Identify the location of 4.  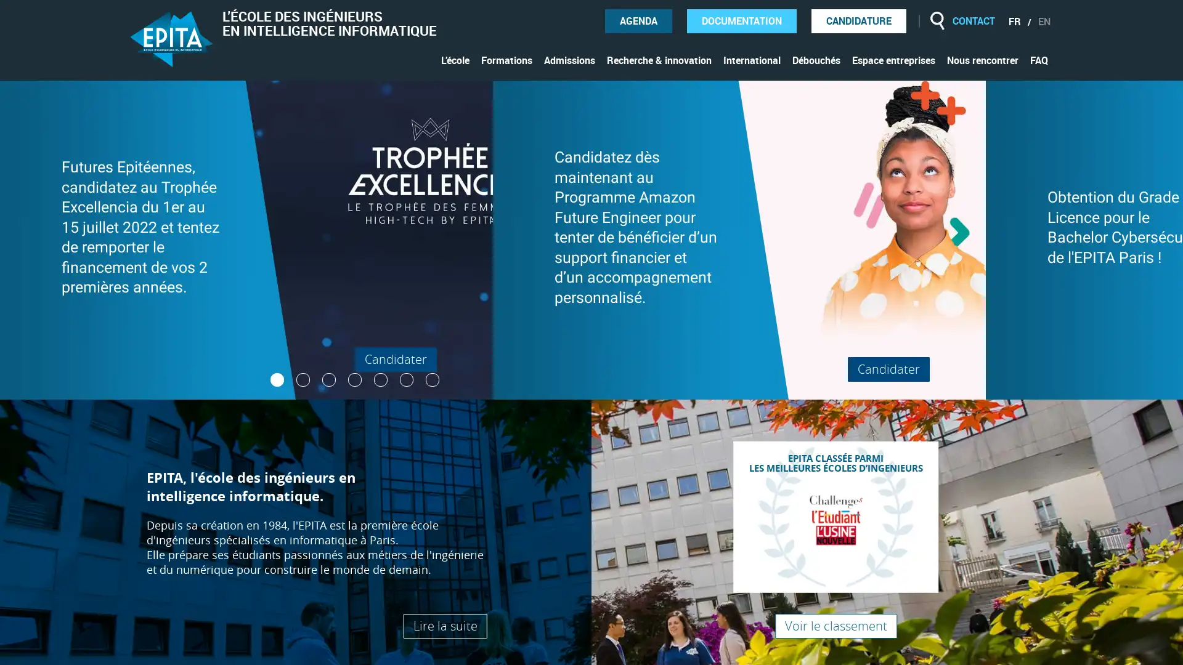
(354, 377).